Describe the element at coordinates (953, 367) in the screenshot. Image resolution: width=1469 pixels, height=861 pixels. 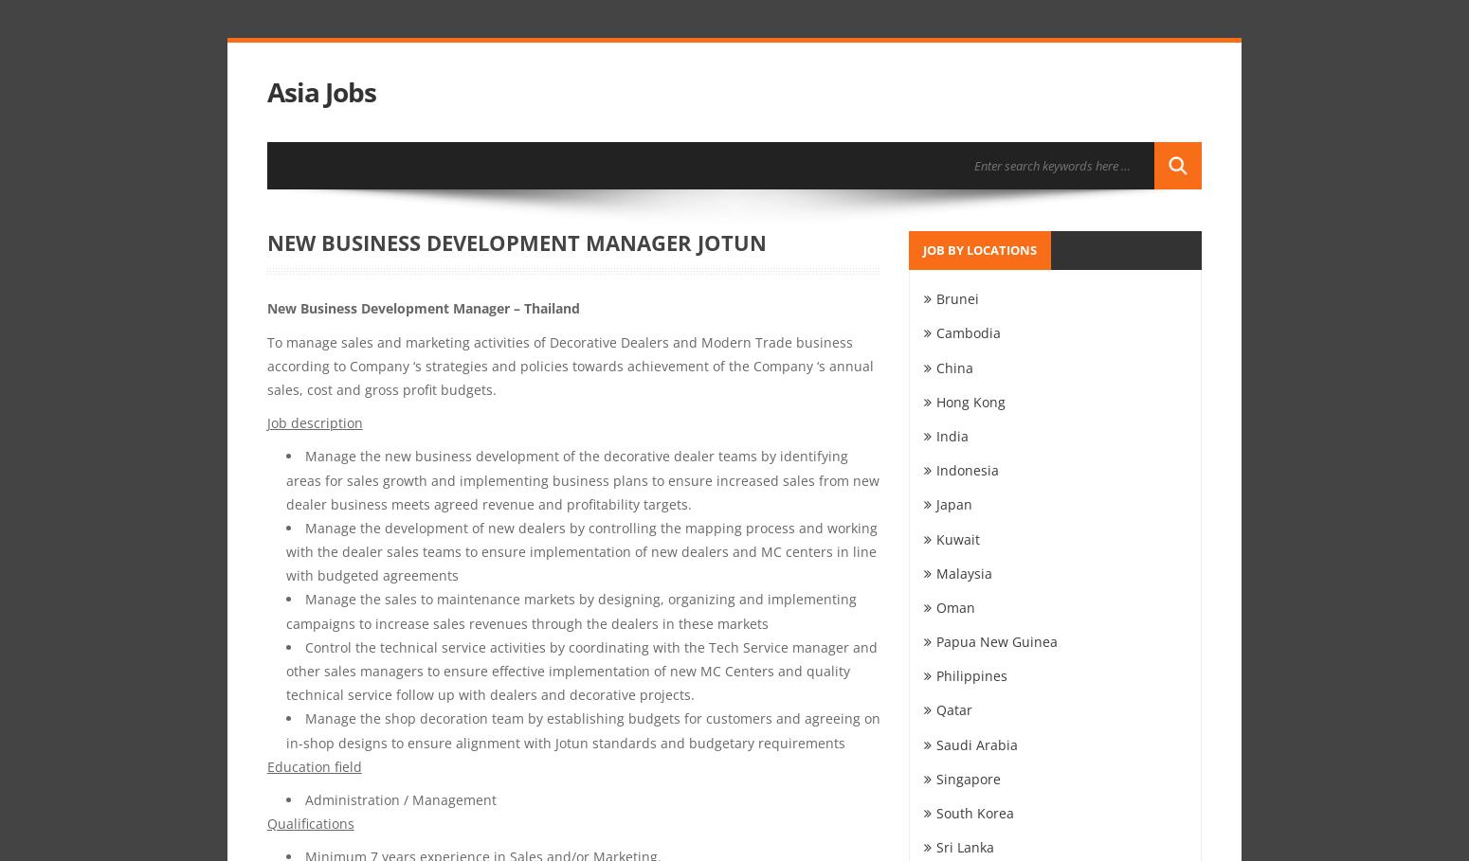
I see `'China'` at that location.